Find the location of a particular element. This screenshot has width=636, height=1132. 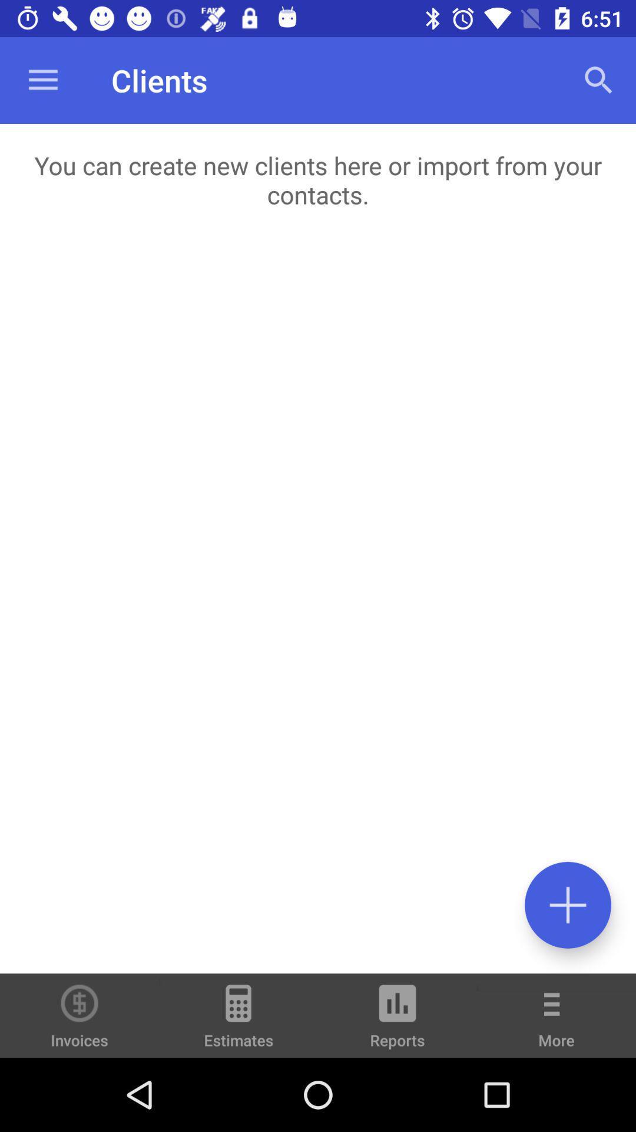

item at the center is located at coordinates (318, 604).